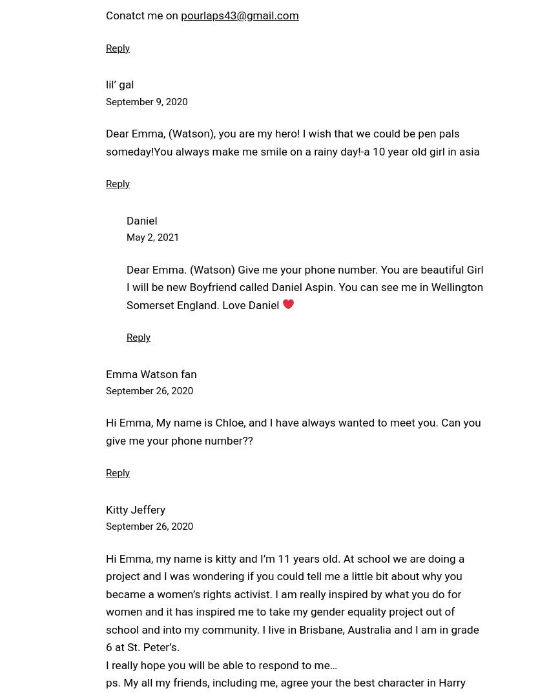  Describe the element at coordinates (291, 602) in the screenshot. I see `'Hi Emma, my name is kitty and I’m 11 years old. At school we are doing a project and I was wondering if you could tell me a little bit about why you became a women’s rights activist. I am really inspired by what you do for women and it has inspired me to take my gender equality project out of school and into my community. I live in Brisbane, Australia and I am in grade 6 at St. Peter’s.'` at that location.